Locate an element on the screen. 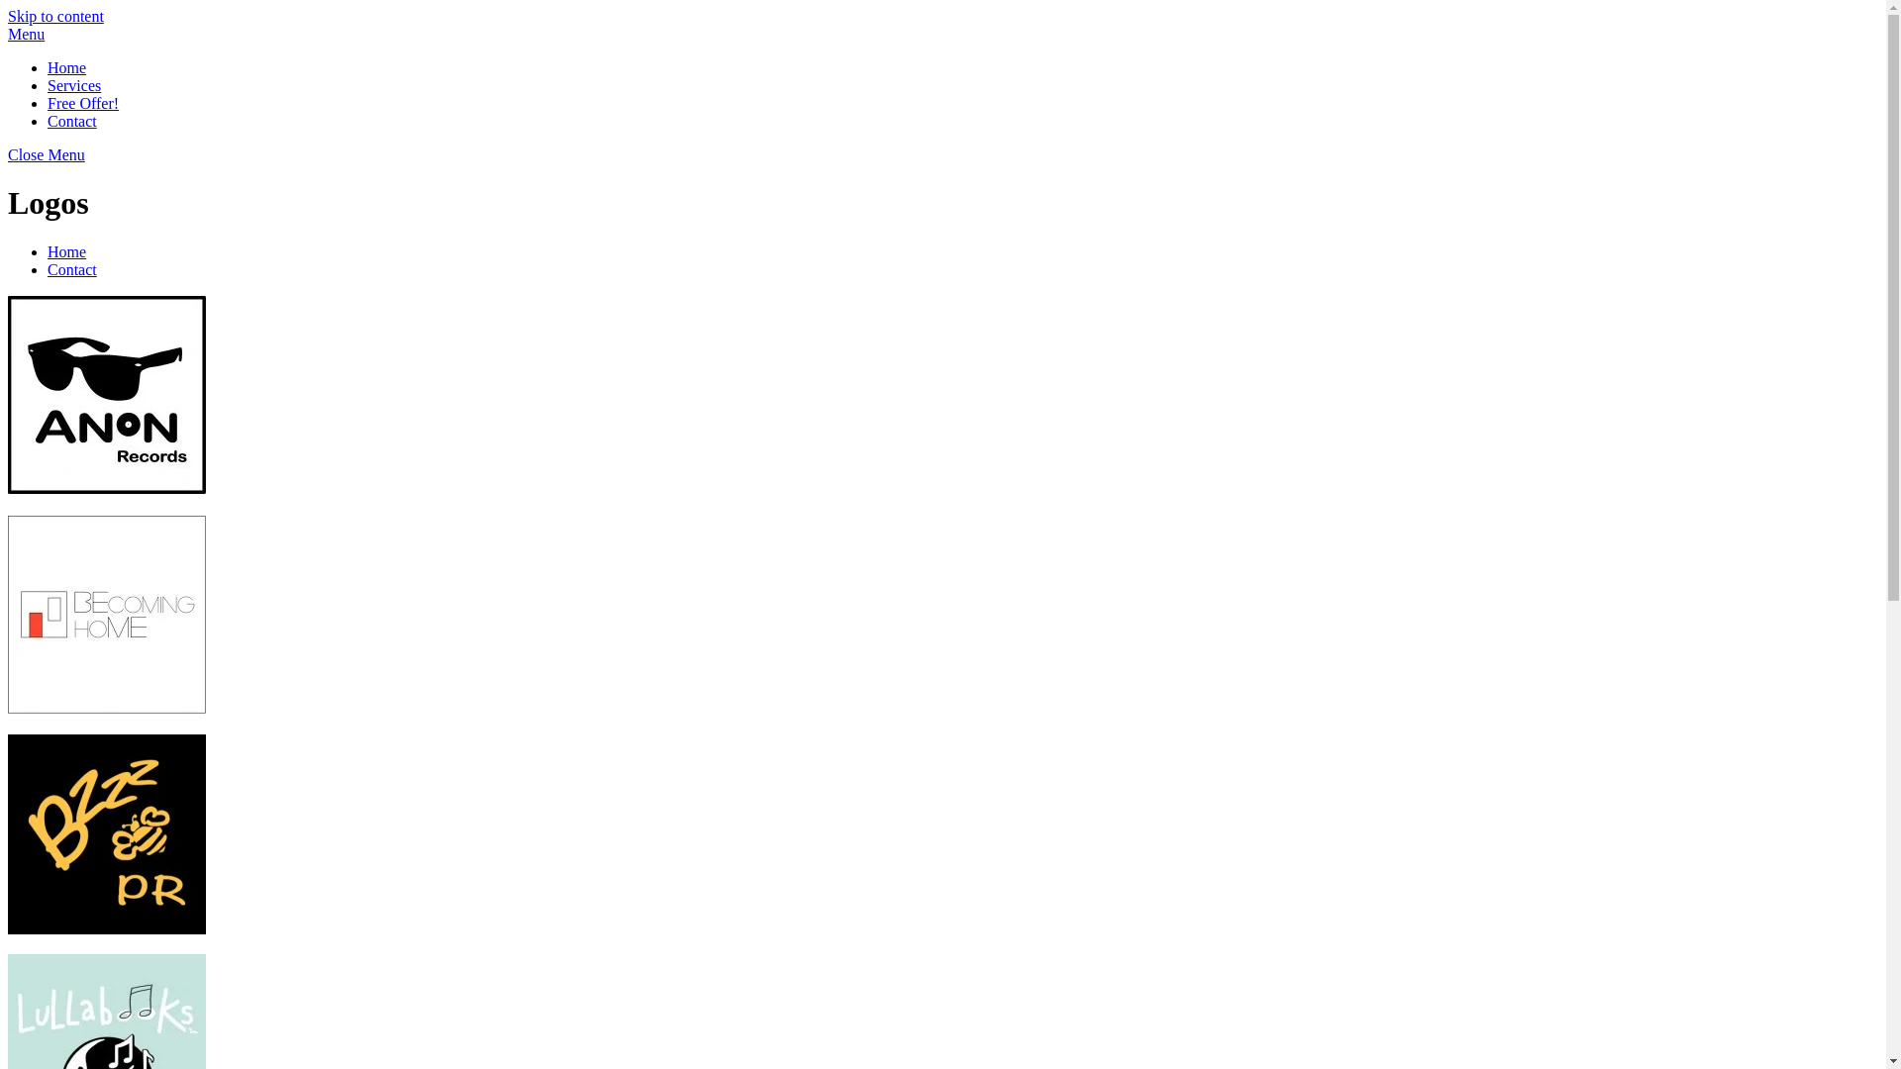 This screenshot has height=1069, width=1901. 'Menu' is located at coordinates (26, 34).